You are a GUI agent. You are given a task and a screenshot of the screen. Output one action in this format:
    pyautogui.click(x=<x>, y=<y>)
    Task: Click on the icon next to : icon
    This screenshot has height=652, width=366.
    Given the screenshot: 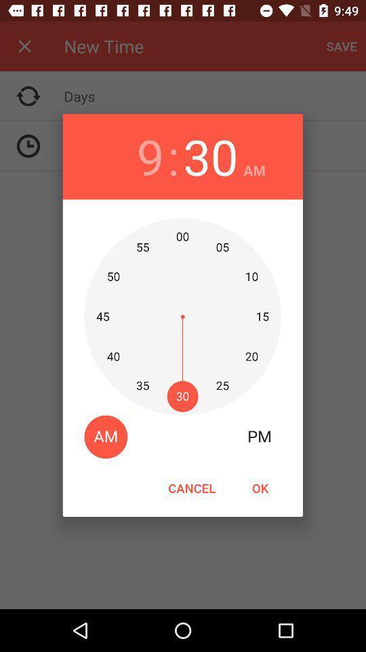 What is the action you would take?
    pyautogui.click(x=149, y=156)
    